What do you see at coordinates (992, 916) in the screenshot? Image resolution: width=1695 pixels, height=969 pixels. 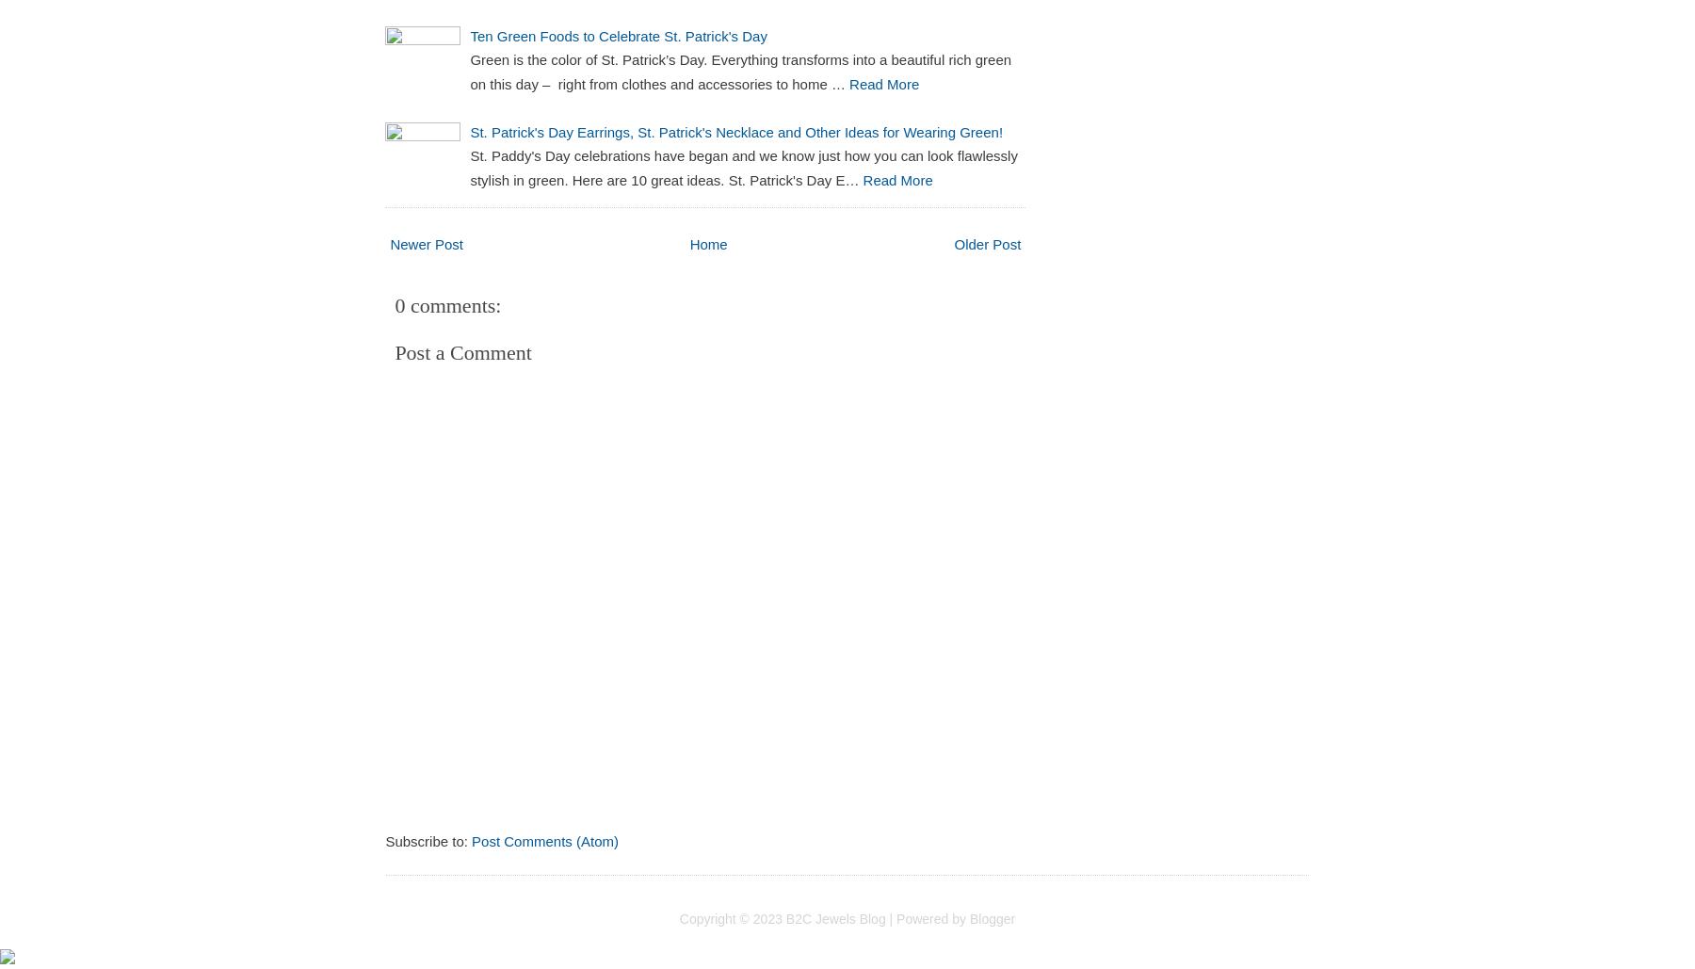 I see `'Blogger'` at bounding box center [992, 916].